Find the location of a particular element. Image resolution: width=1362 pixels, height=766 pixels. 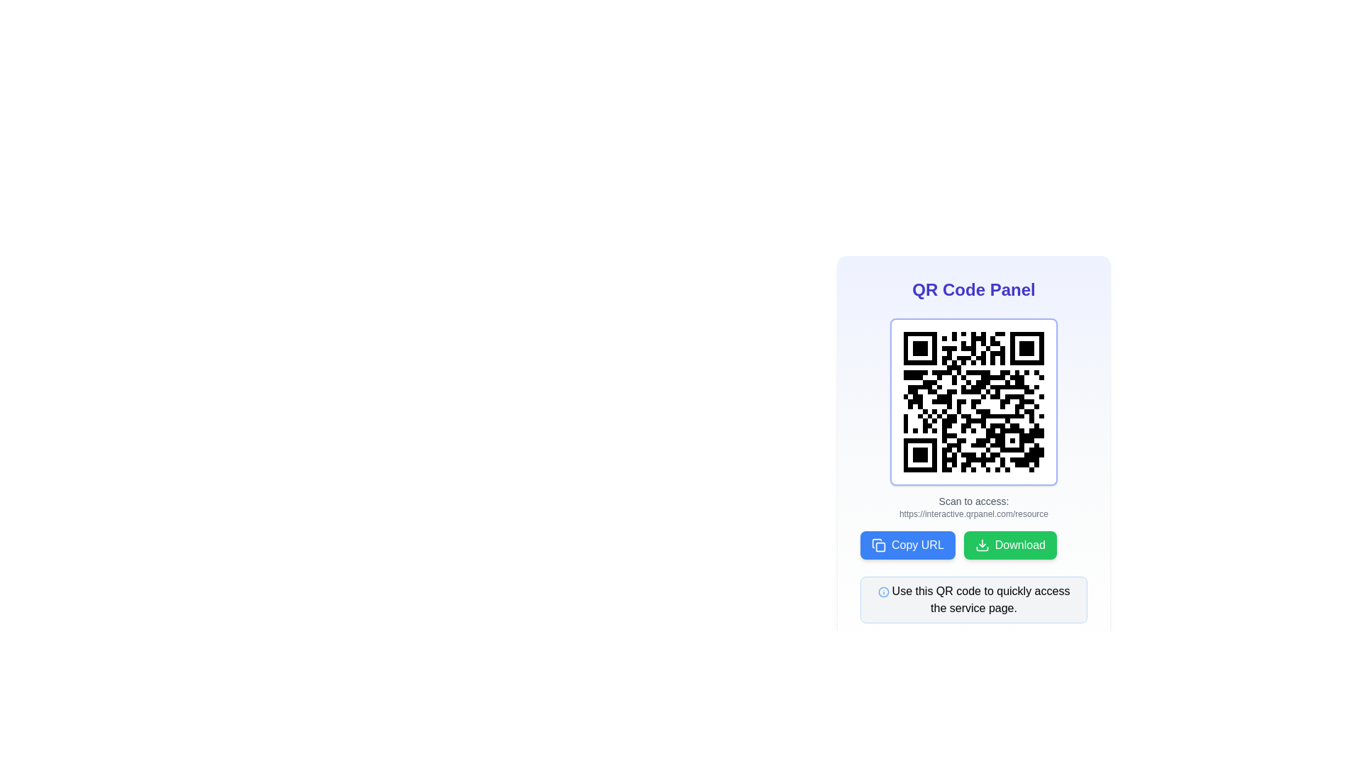

the static text component that displays the destination URL, located below the 'Scan is located at coordinates (973, 514).